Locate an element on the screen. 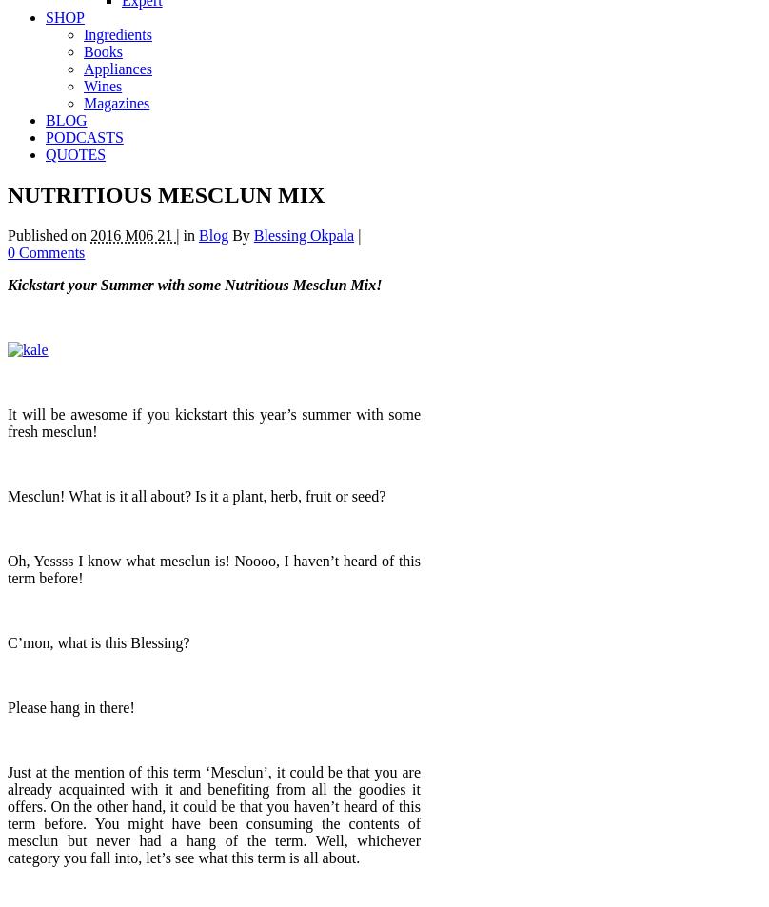  'Wines' is located at coordinates (102, 85).